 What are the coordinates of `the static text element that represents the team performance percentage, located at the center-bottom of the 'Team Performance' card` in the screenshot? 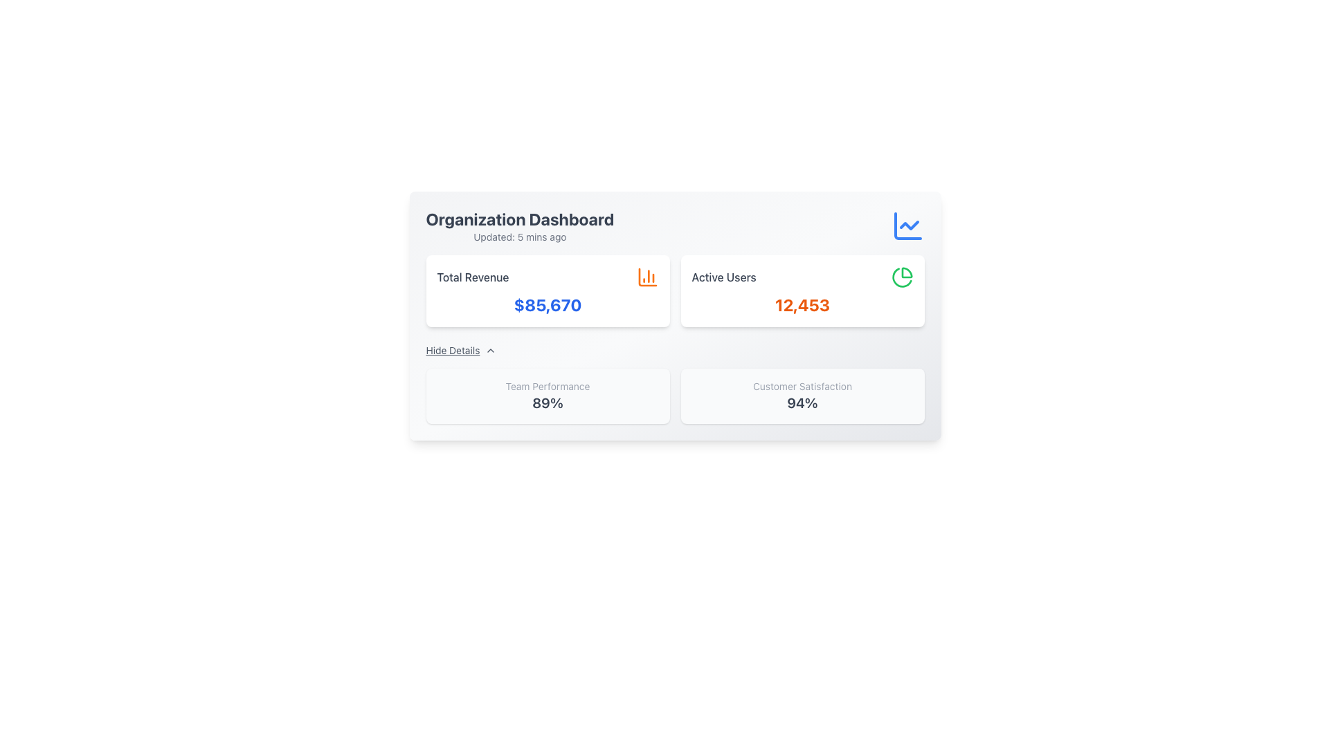 It's located at (547, 403).